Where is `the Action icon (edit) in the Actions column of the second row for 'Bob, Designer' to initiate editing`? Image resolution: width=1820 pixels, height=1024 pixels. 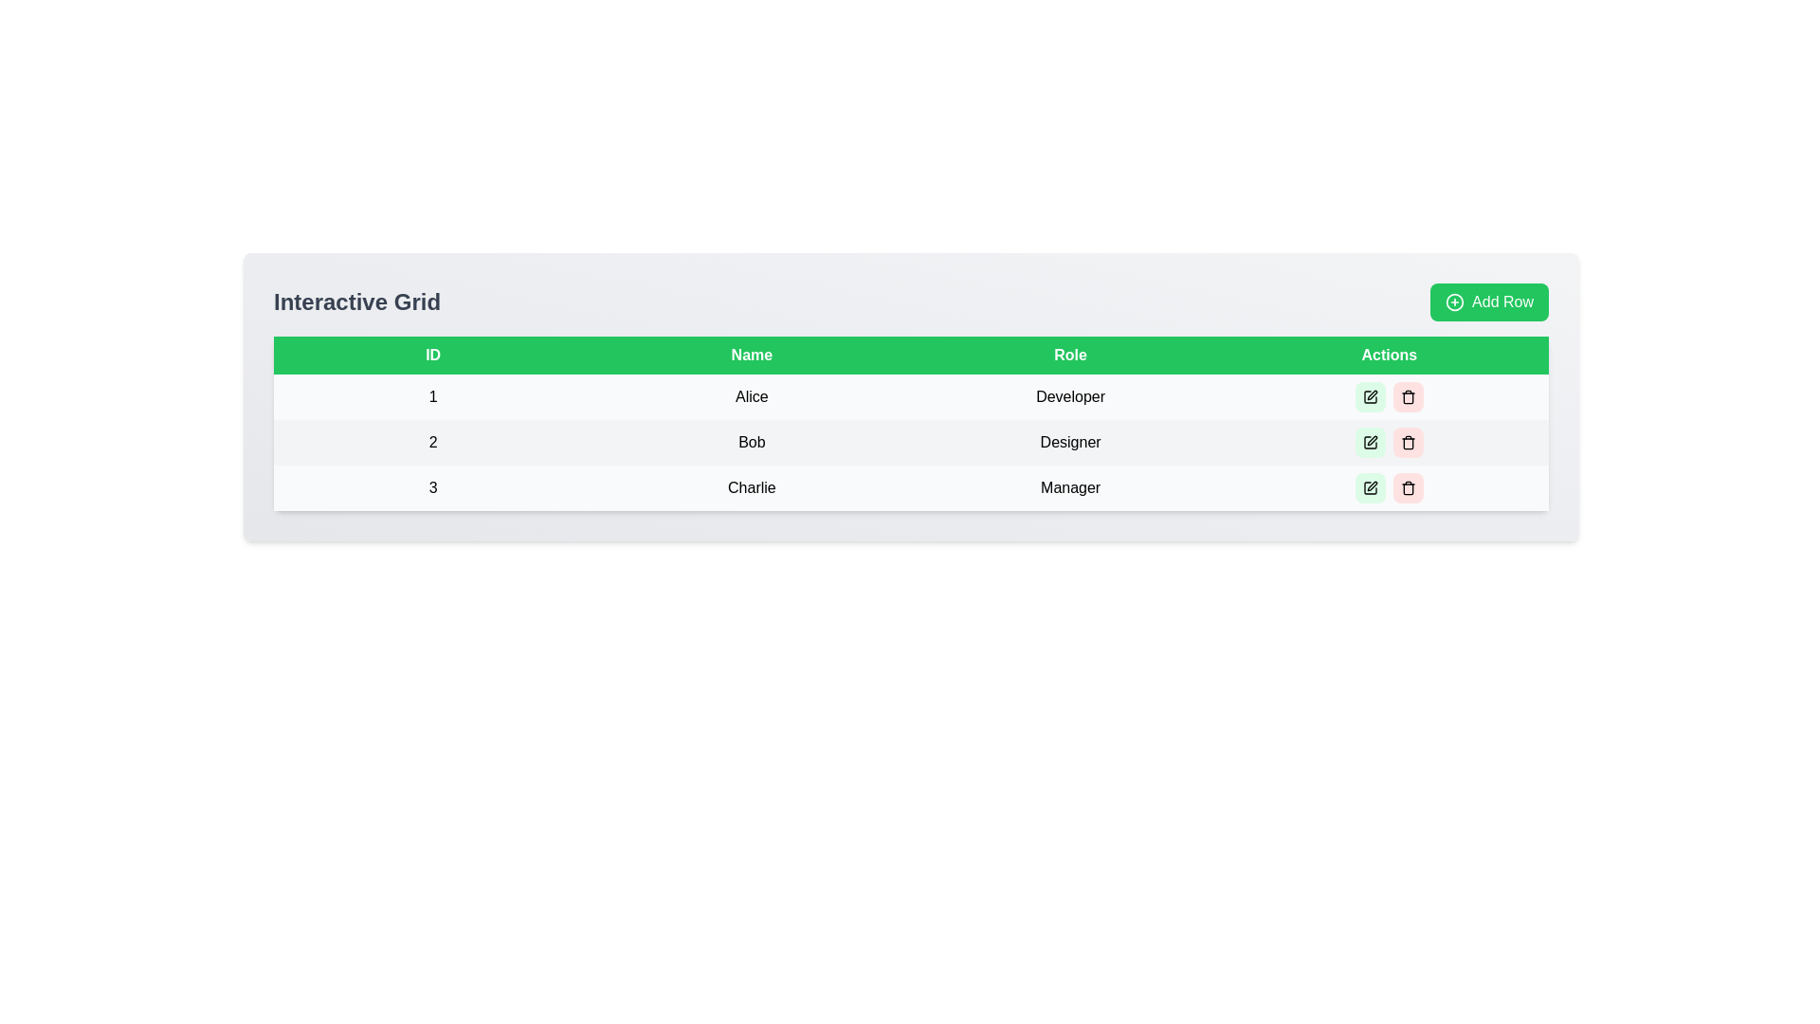
the Action icon (edit) in the Actions column of the second row for 'Bob, Designer' to initiate editing is located at coordinates (1372, 441).